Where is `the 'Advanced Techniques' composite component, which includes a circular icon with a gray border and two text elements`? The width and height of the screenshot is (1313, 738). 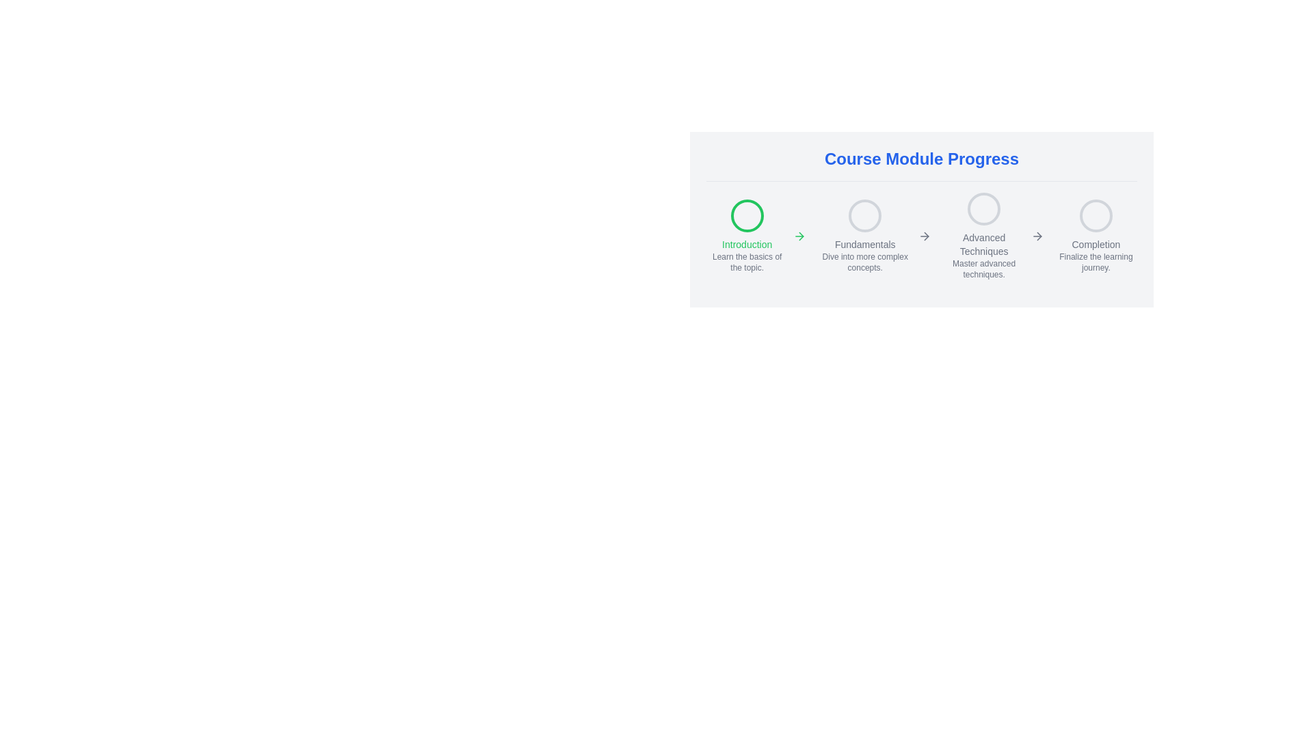
the 'Advanced Techniques' composite component, which includes a circular icon with a gray border and two text elements is located at coordinates (983, 236).